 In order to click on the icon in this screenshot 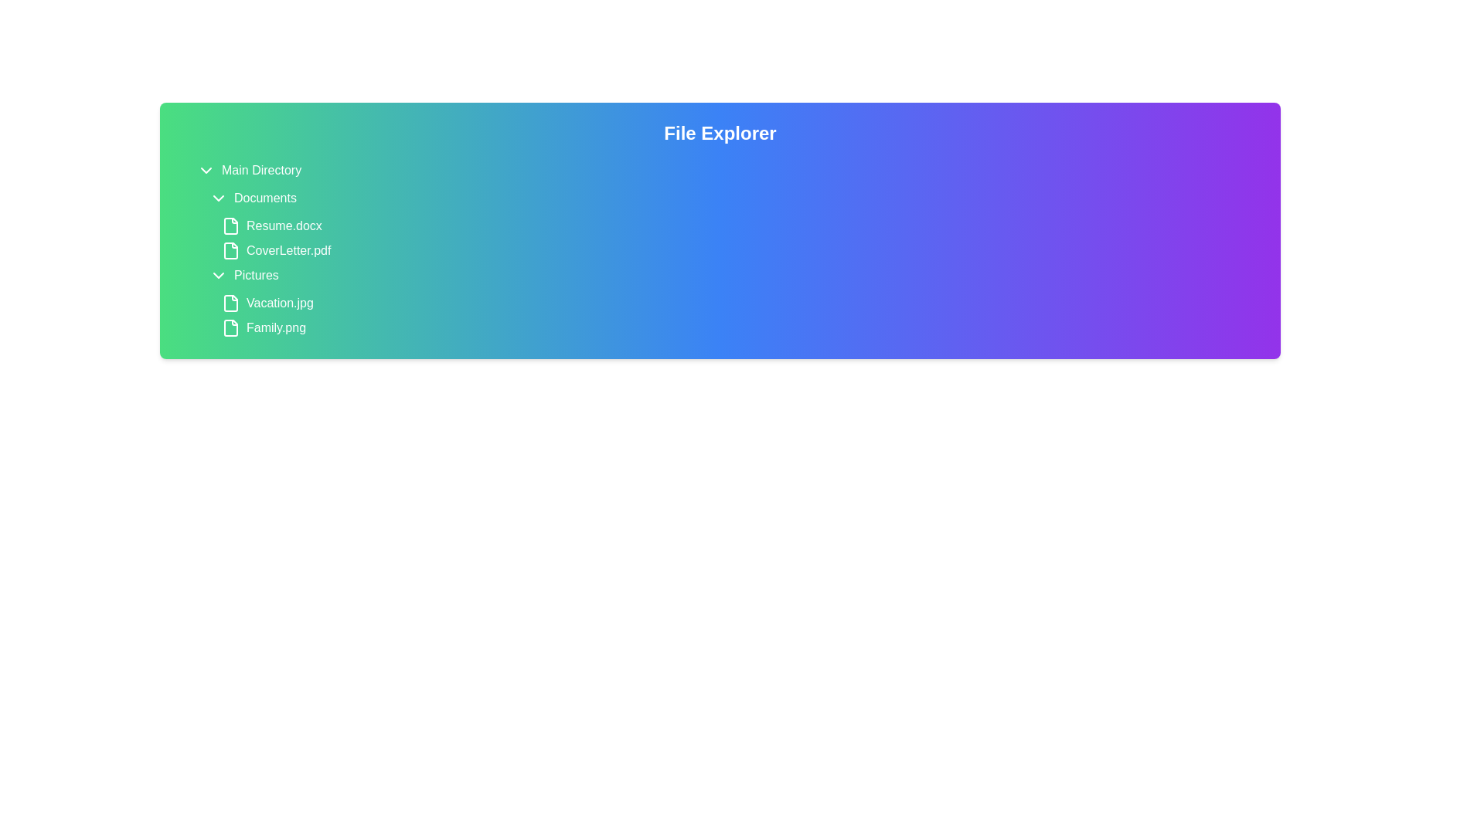, I will do `click(218, 275)`.